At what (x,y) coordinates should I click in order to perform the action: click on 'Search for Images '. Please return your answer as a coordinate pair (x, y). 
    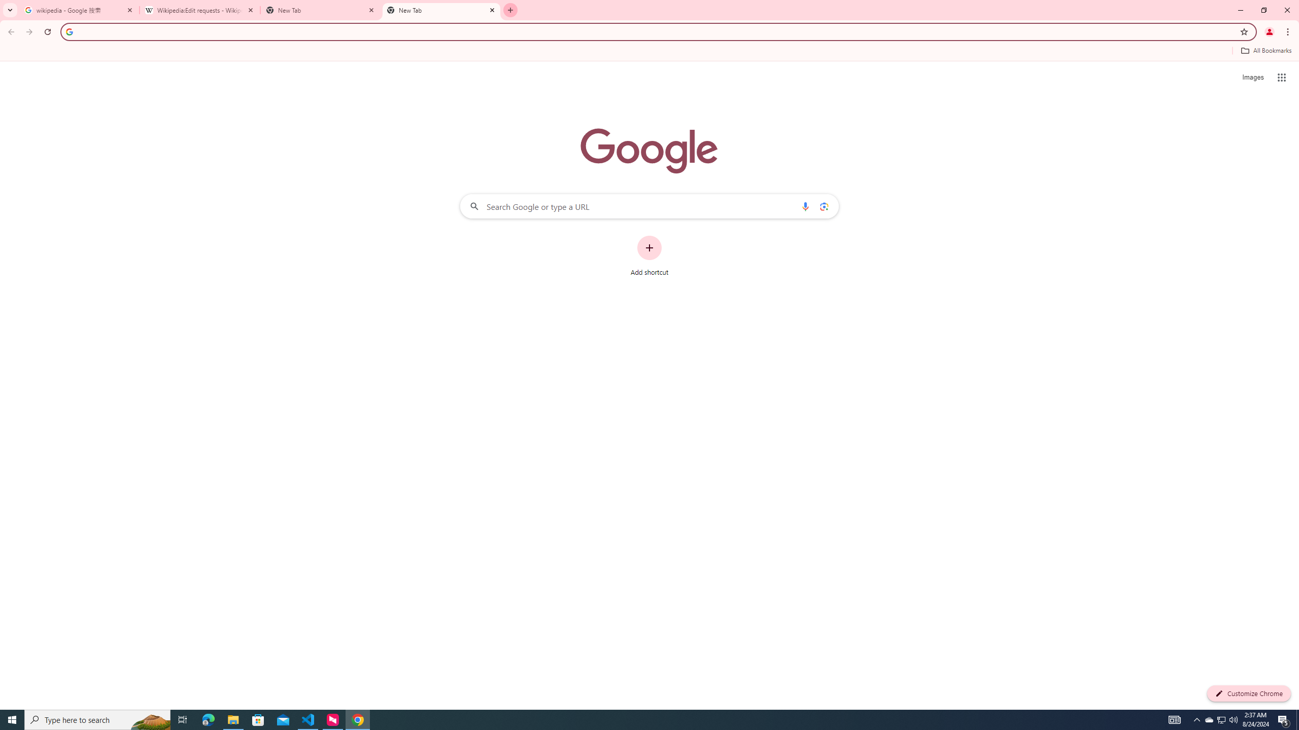
    Looking at the image, I should click on (1253, 78).